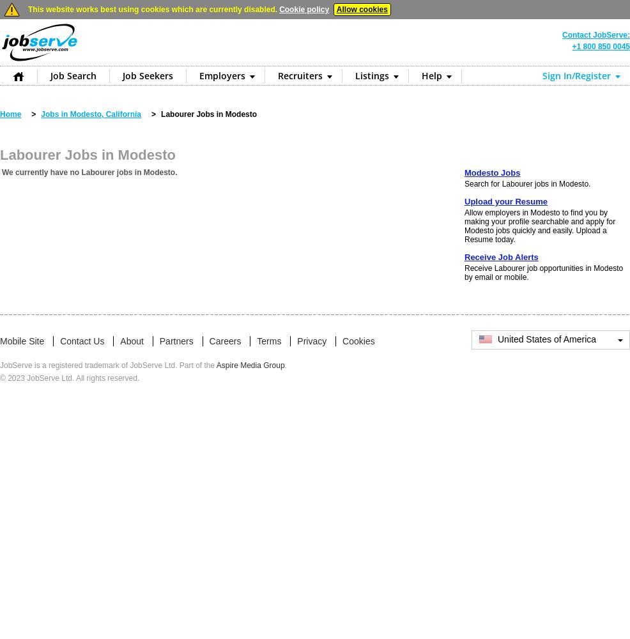 The width and height of the screenshot is (630, 639). I want to click on 'Terms', so click(269, 341).